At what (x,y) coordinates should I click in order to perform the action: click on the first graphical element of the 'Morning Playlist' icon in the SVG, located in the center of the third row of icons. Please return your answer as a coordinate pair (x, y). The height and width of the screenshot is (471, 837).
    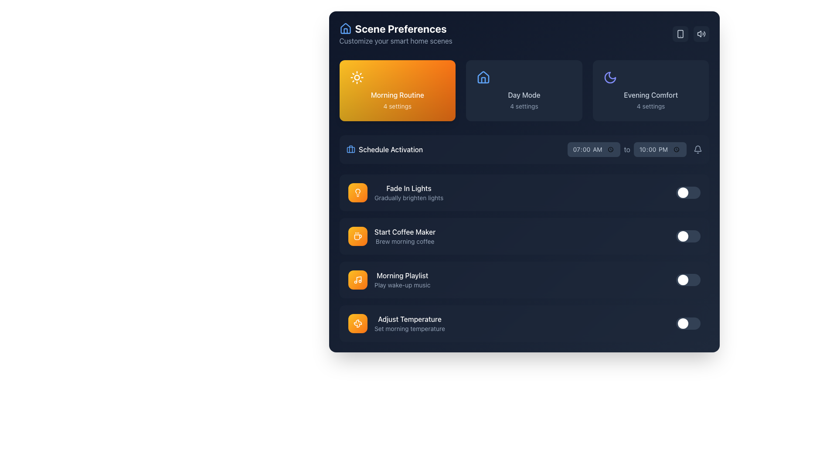
    Looking at the image, I should click on (358, 279).